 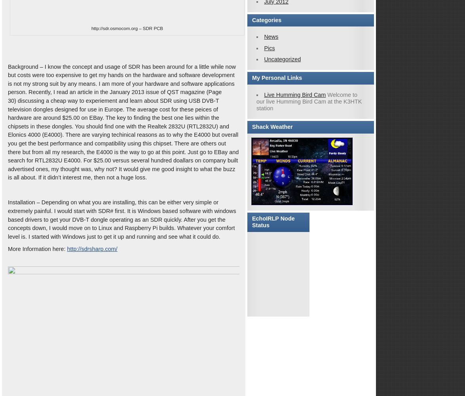 I want to click on 'Uncategorized', so click(x=282, y=58).